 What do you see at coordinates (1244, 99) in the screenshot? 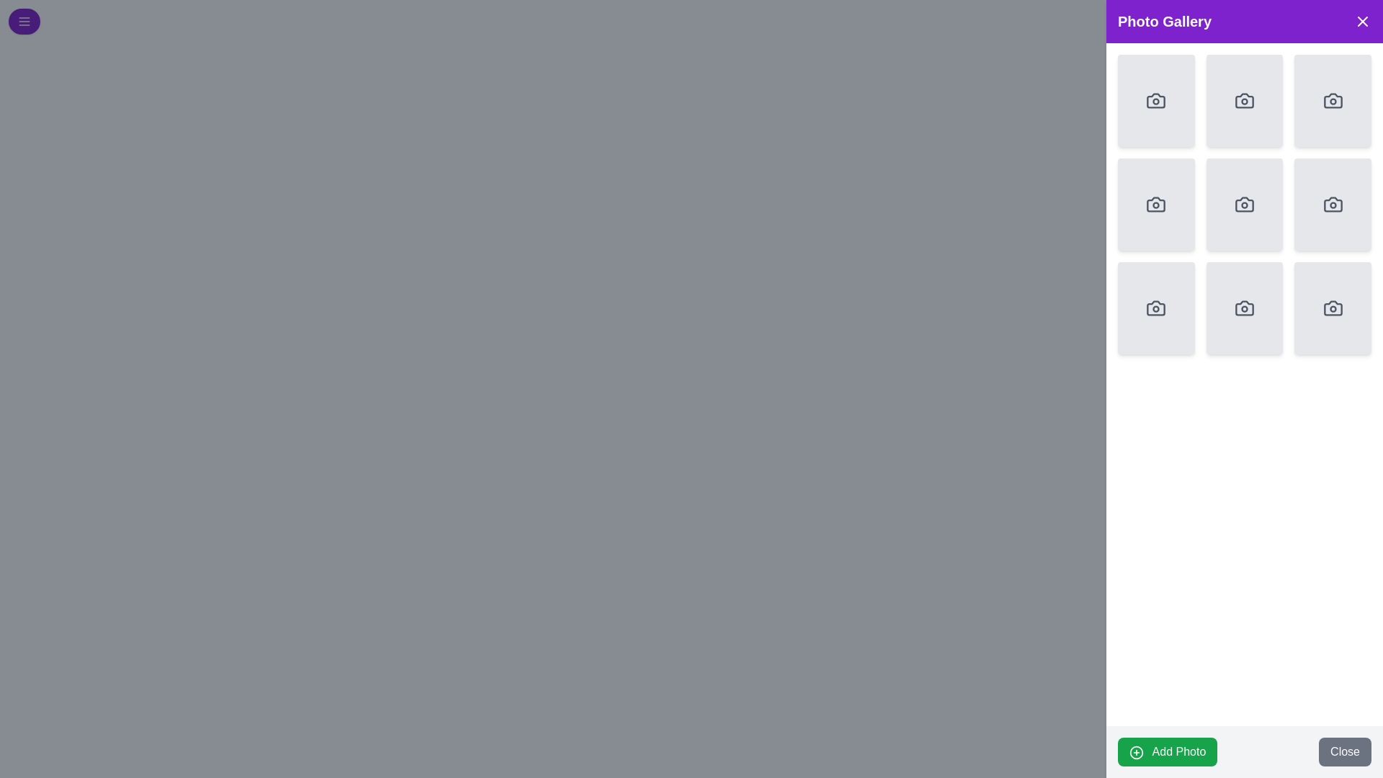
I see `the interactive placeholder card for photo upload located in the second position of the first row in the right-side photo gallery panel` at bounding box center [1244, 99].